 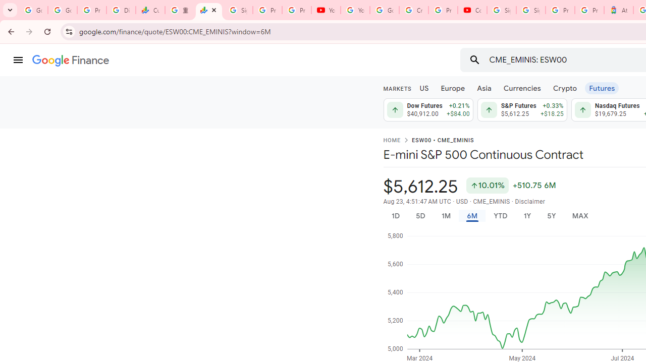 I want to click on 'Google Account Help', so click(x=384, y=10).